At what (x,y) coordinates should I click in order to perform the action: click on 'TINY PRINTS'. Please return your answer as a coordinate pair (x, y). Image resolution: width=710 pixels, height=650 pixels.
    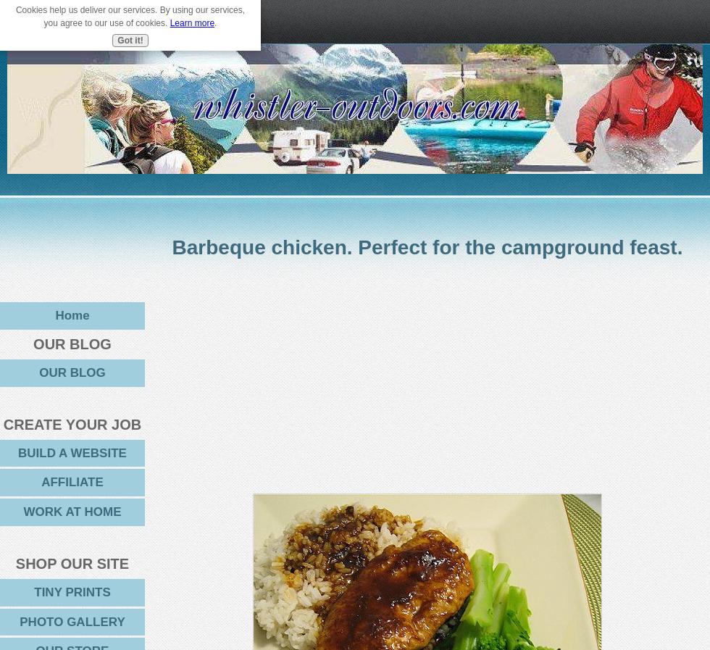
    Looking at the image, I should click on (72, 591).